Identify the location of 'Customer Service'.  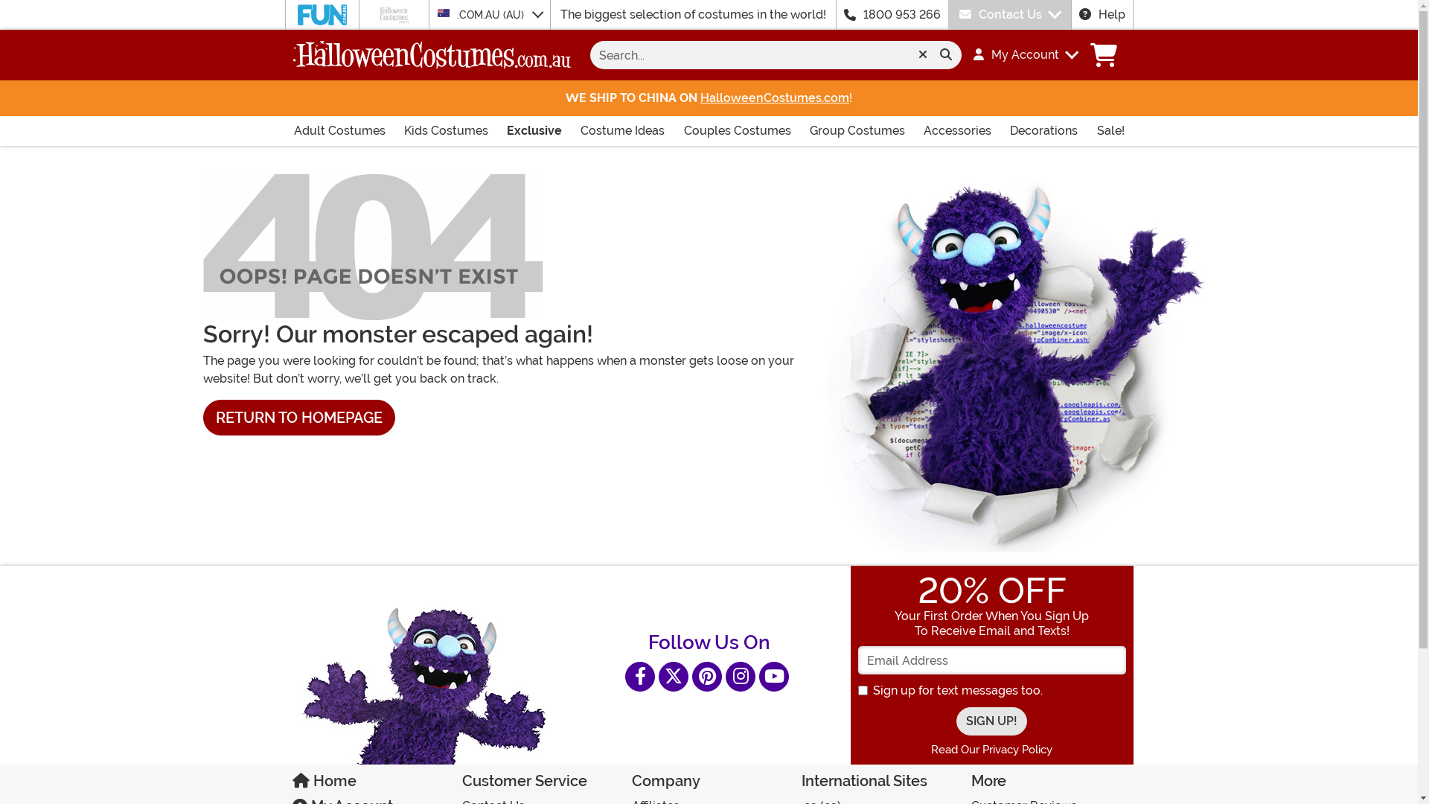
(538, 783).